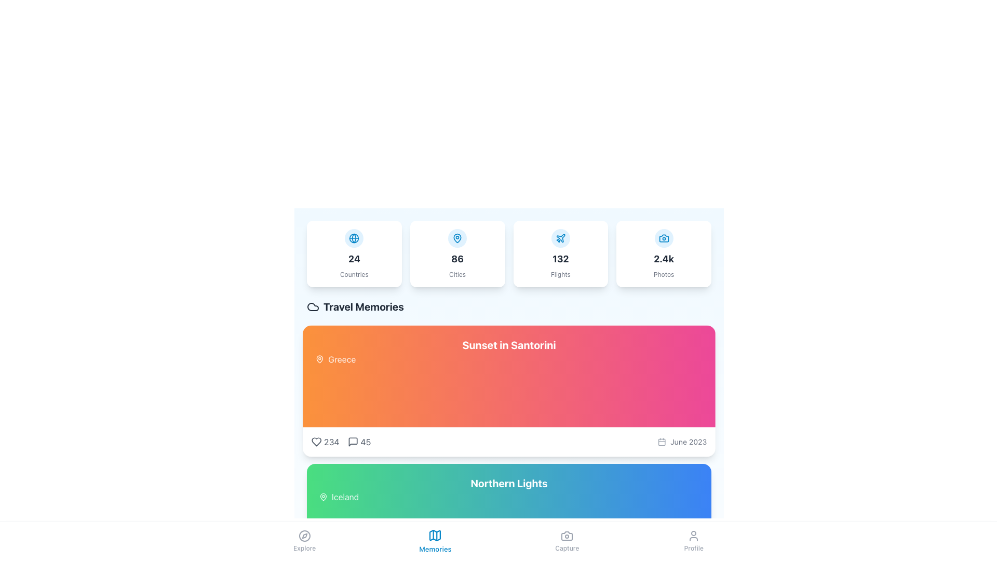 This screenshot has height=561, width=997. What do you see at coordinates (509, 483) in the screenshot?
I see `the text label that serves as a header or title, positioned centrally beneath the 'Sunset in Santorini' section` at bounding box center [509, 483].